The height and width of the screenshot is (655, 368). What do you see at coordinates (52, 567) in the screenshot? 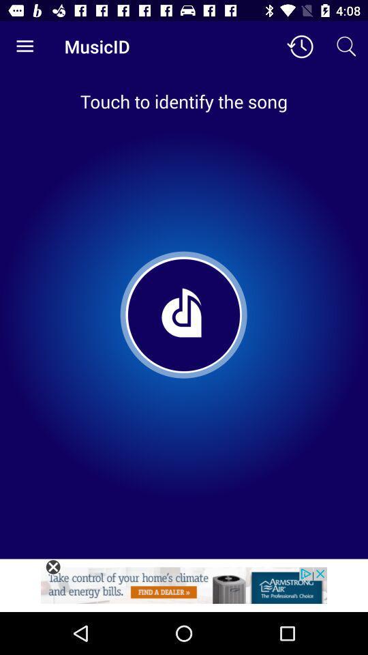
I see `this advertisement` at bounding box center [52, 567].